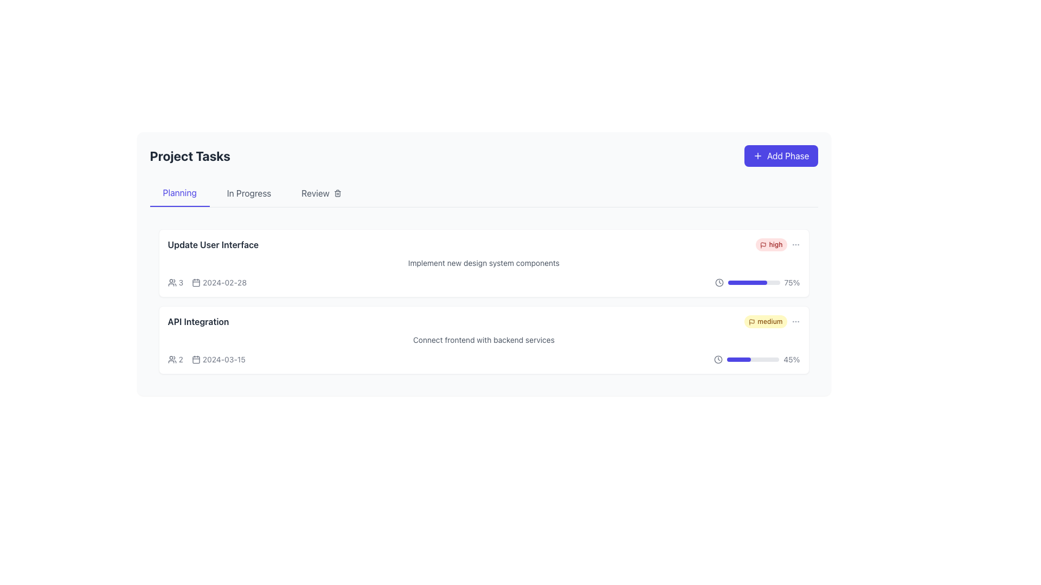 Image resolution: width=1041 pixels, height=585 pixels. Describe the element at coordinates (248, 193) in the screenshot. I see `the 'In Progress' label in the navigation bar` at that location.